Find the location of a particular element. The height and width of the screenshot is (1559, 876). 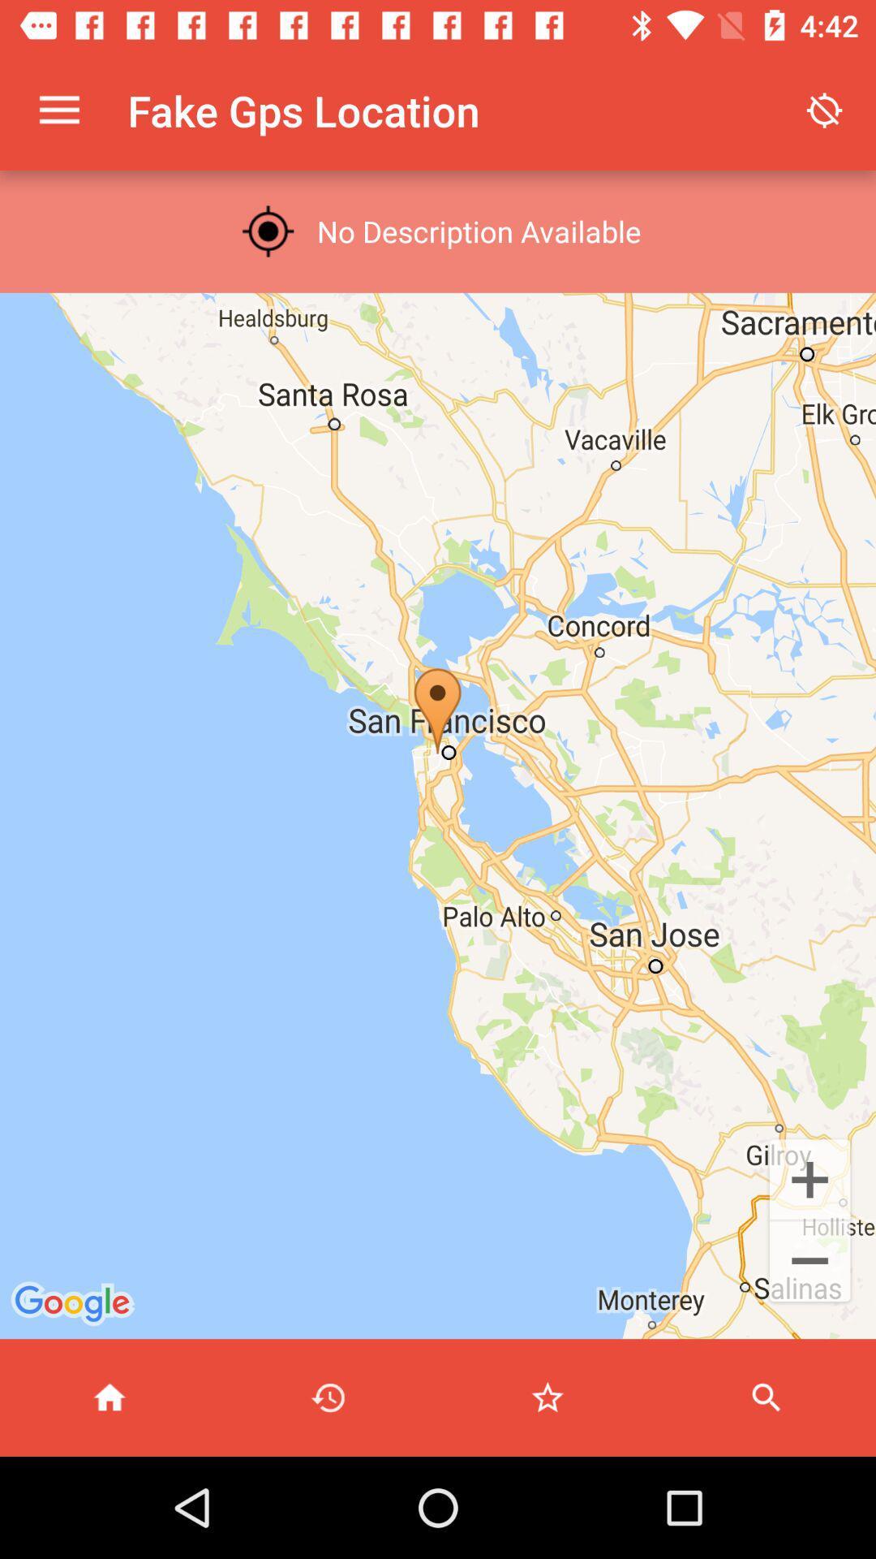

home screen is located at coordinates (109, 1397).